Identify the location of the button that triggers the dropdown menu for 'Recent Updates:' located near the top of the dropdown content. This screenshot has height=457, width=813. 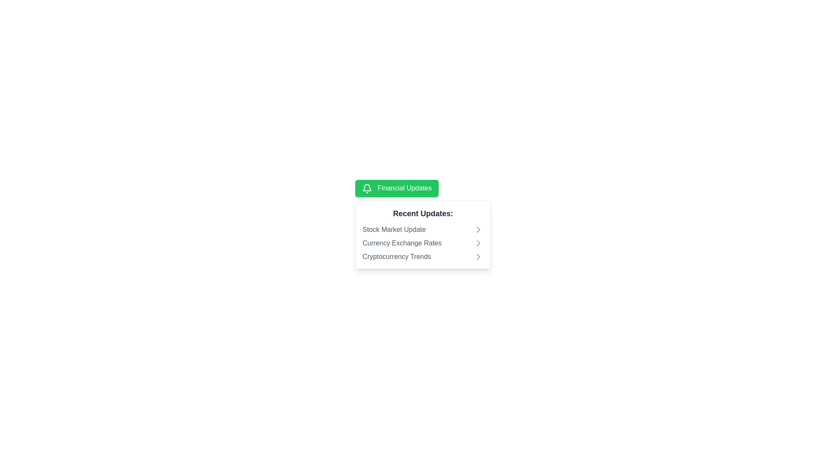
(396, 187).